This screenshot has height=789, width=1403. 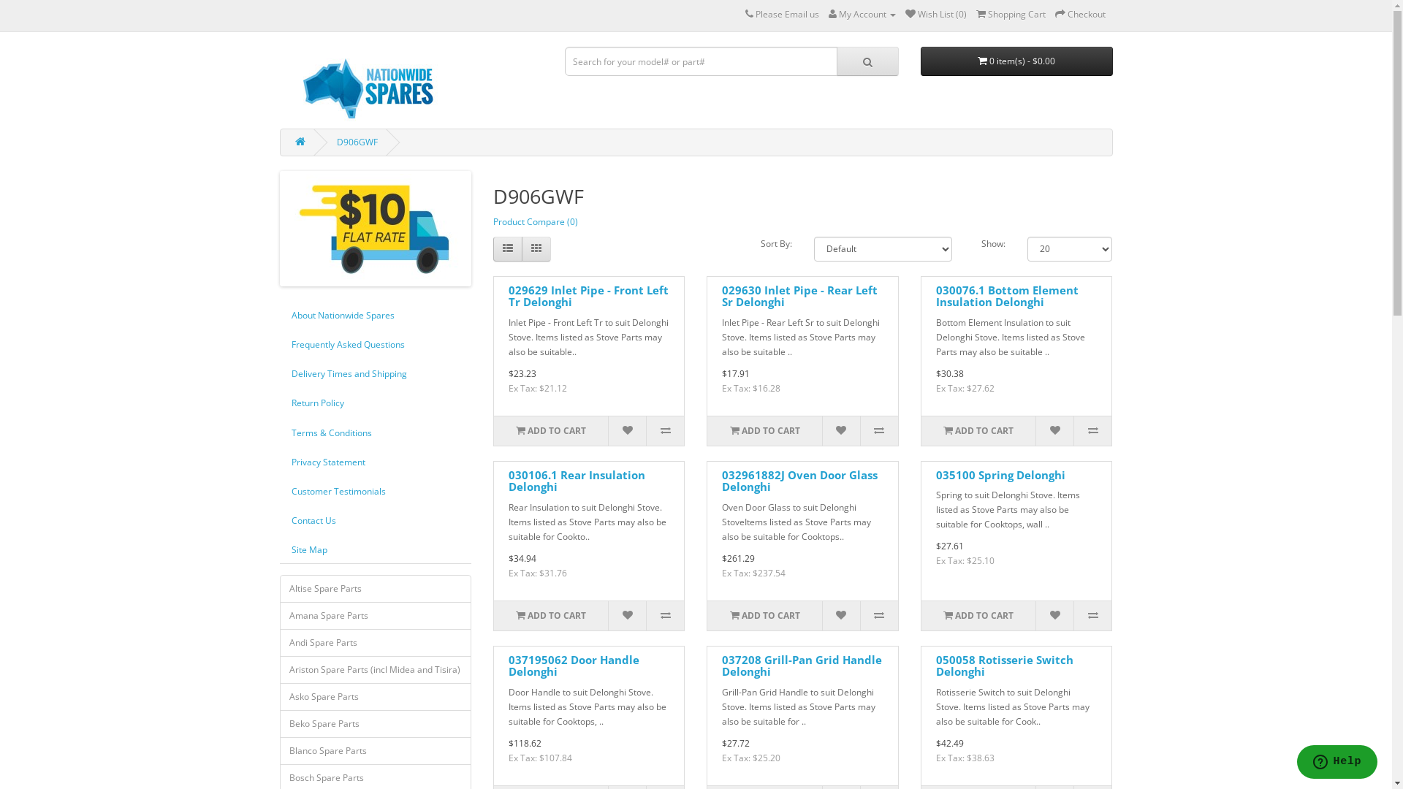 What do you see at coordinates (279, 549) in the screenshot?
I see `'Site Map'` at bounding box center [279, 549].